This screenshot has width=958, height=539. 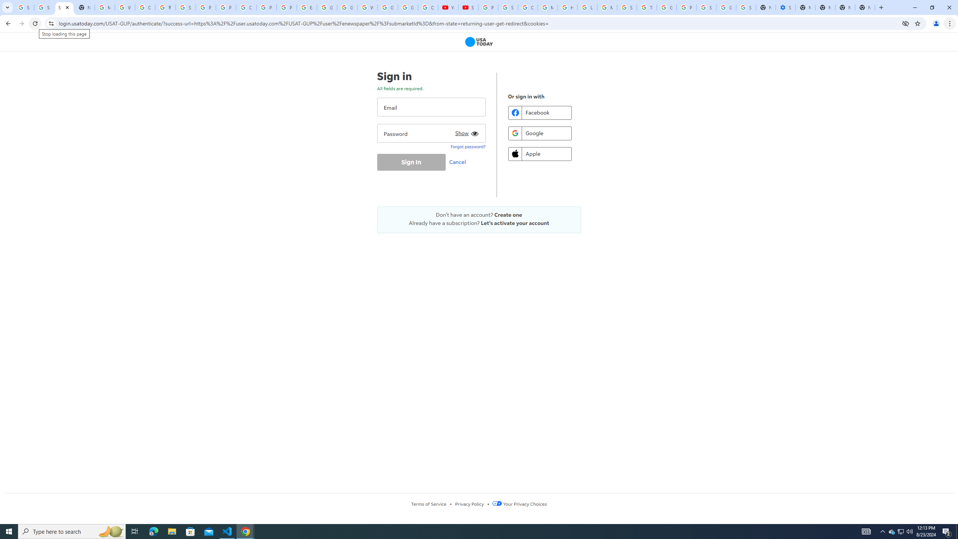 What do you see at coordinates (479, 214) in the screenshot?
I see `'Don'` at bounding box center [479, 214].